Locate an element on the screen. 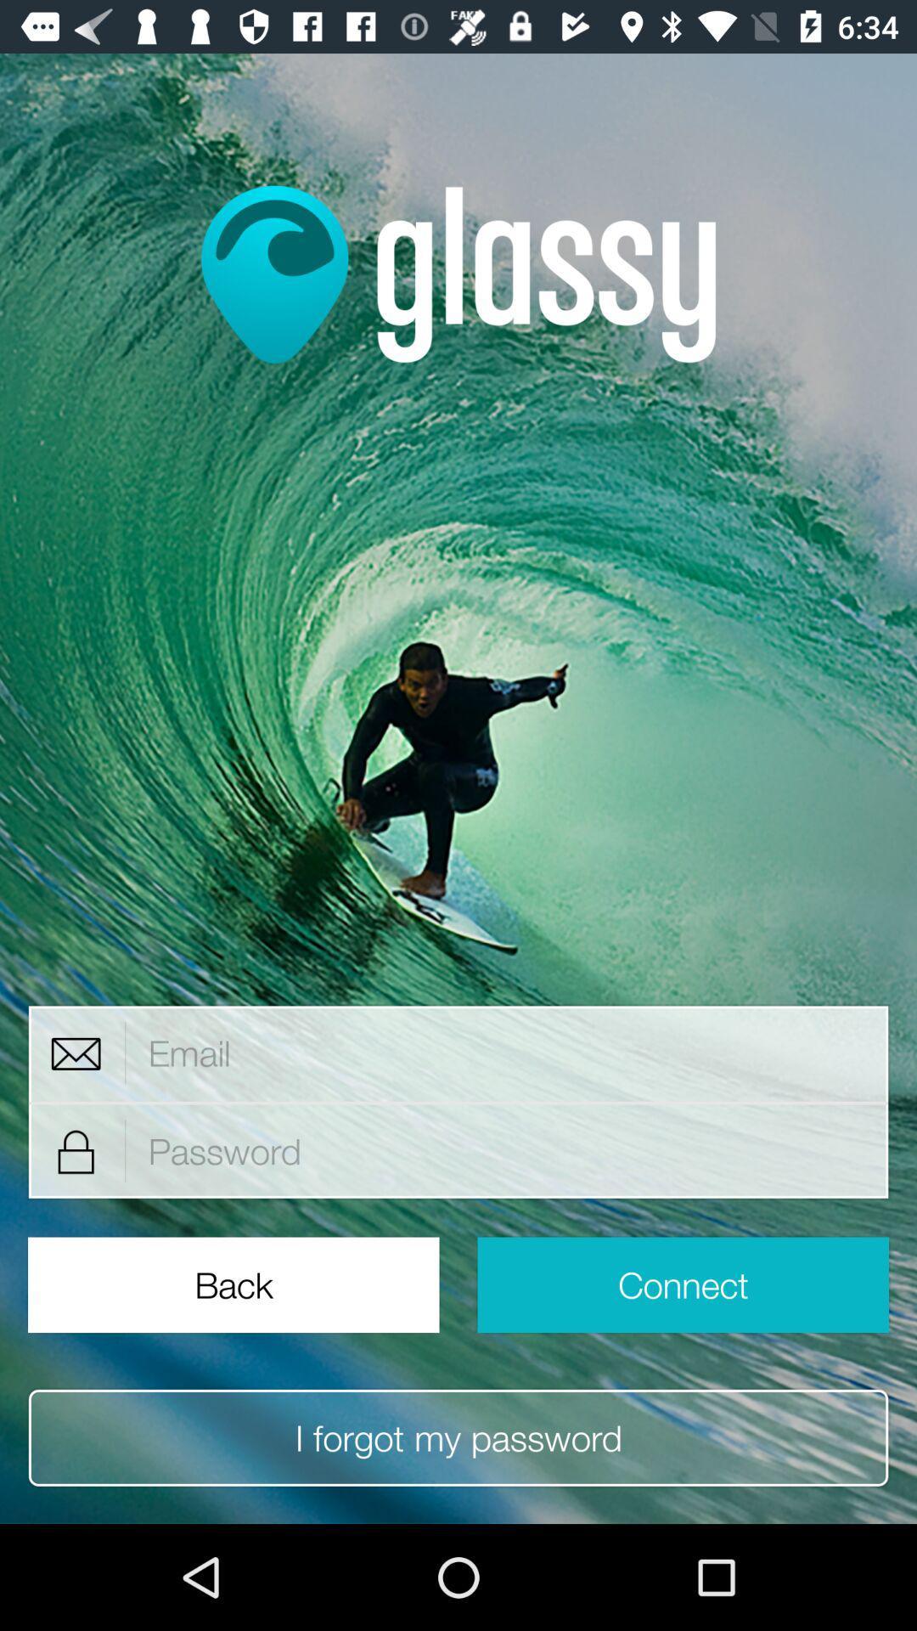  password is located at coordinates (507, 1151).